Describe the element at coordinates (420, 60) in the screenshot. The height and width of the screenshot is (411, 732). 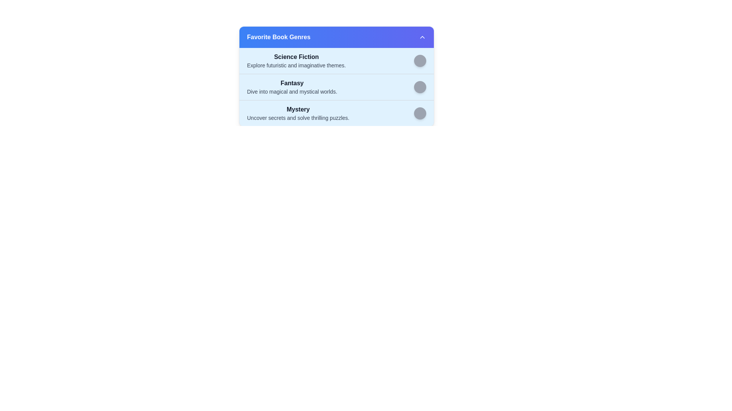
I see `the button located on the right side within the 'Science Fiction' section` at that location.